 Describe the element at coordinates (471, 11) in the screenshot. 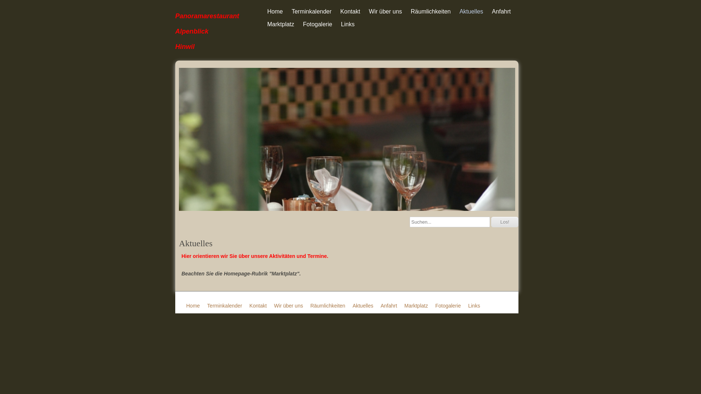

I see `'Aktuelles'` at that location.